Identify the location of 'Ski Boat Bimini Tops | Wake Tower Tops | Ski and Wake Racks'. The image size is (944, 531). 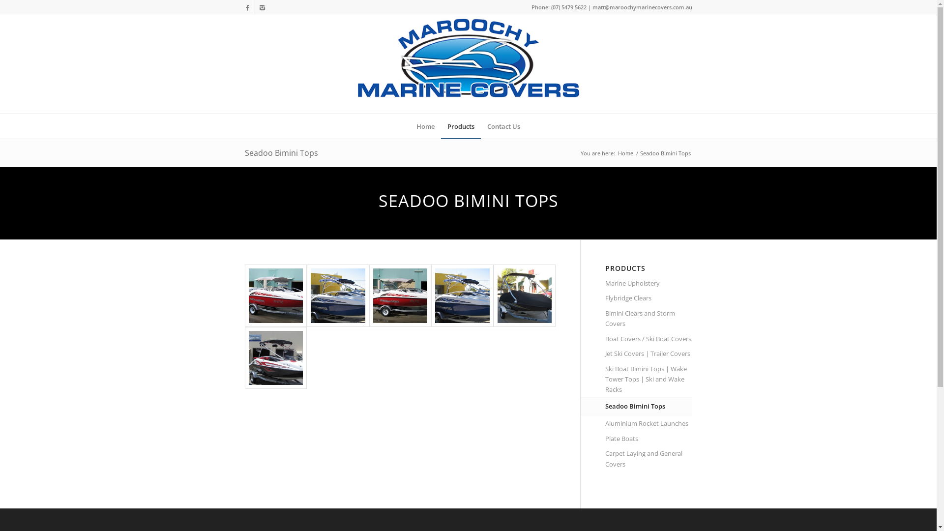
(649, 379).